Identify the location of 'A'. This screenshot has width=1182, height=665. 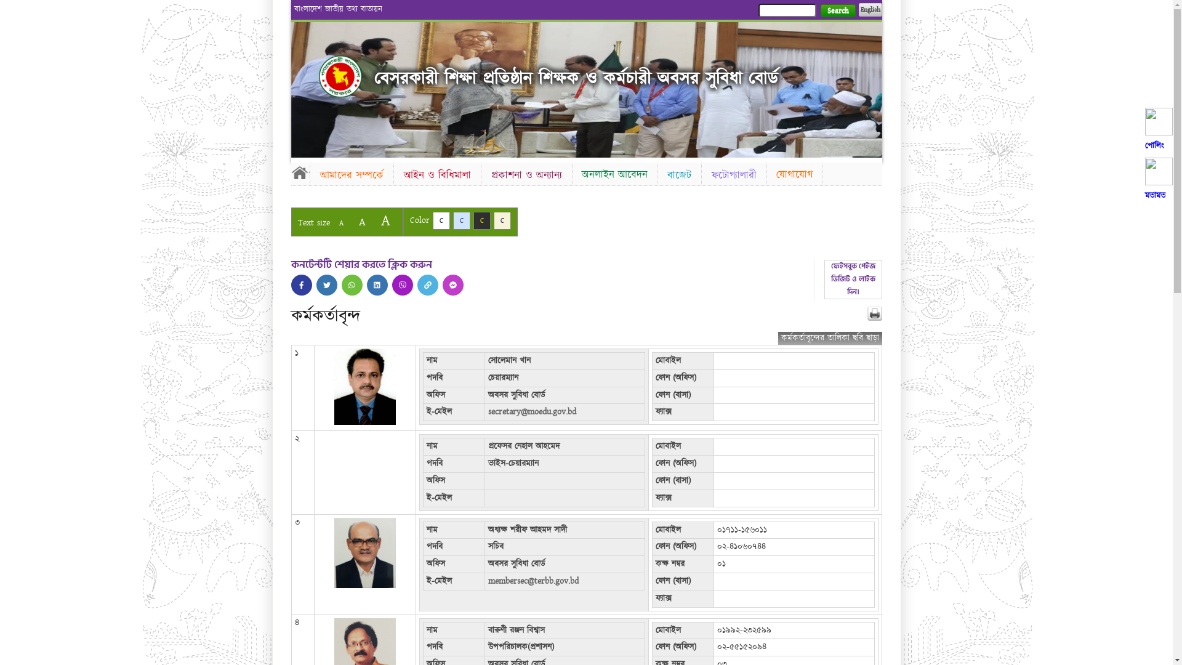
(384, 220).